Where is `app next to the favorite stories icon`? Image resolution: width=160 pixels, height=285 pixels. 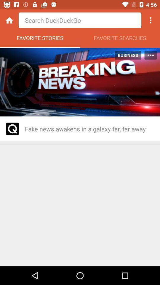 app next to the favorite stories icon is located at coordinates (120, 39).